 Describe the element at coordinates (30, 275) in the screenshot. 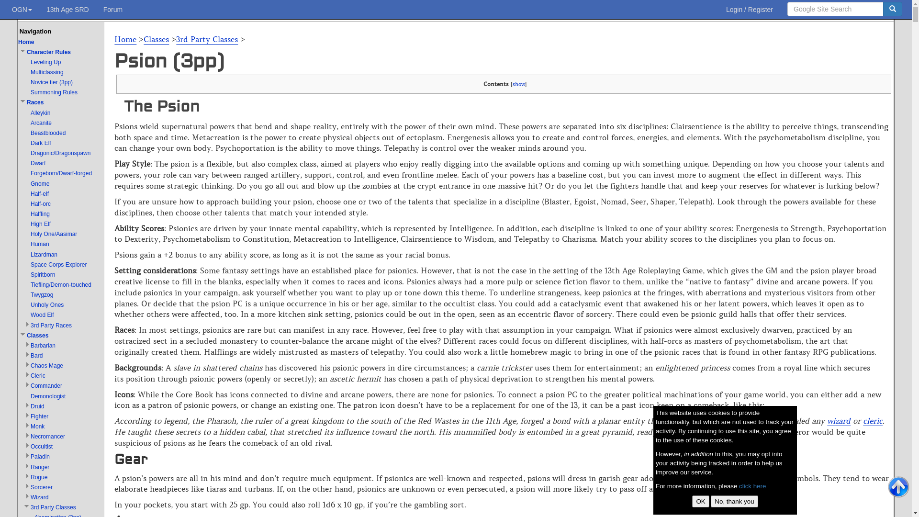

I see `'Spiritborn'` at that location.